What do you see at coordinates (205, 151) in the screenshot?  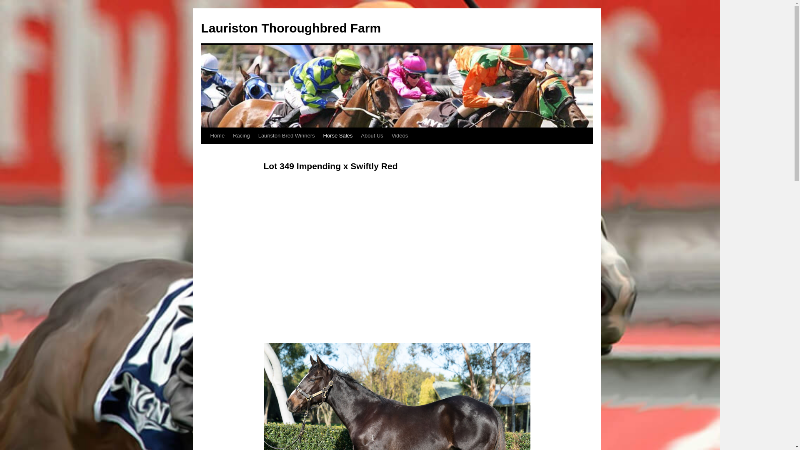 I see `'Skip to content'` at bounding box center [205, 151].